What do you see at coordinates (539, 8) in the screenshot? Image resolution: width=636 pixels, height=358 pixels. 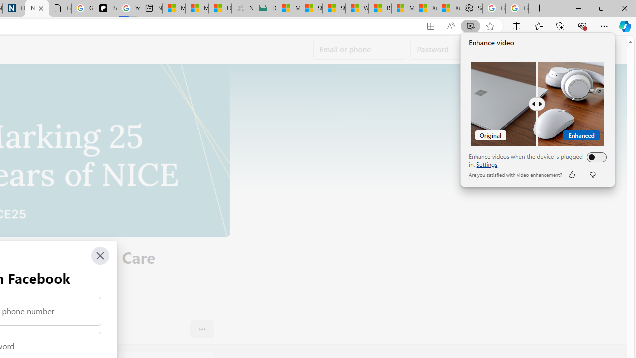 I see `'New Tab'` at bounding box center [539, 8].